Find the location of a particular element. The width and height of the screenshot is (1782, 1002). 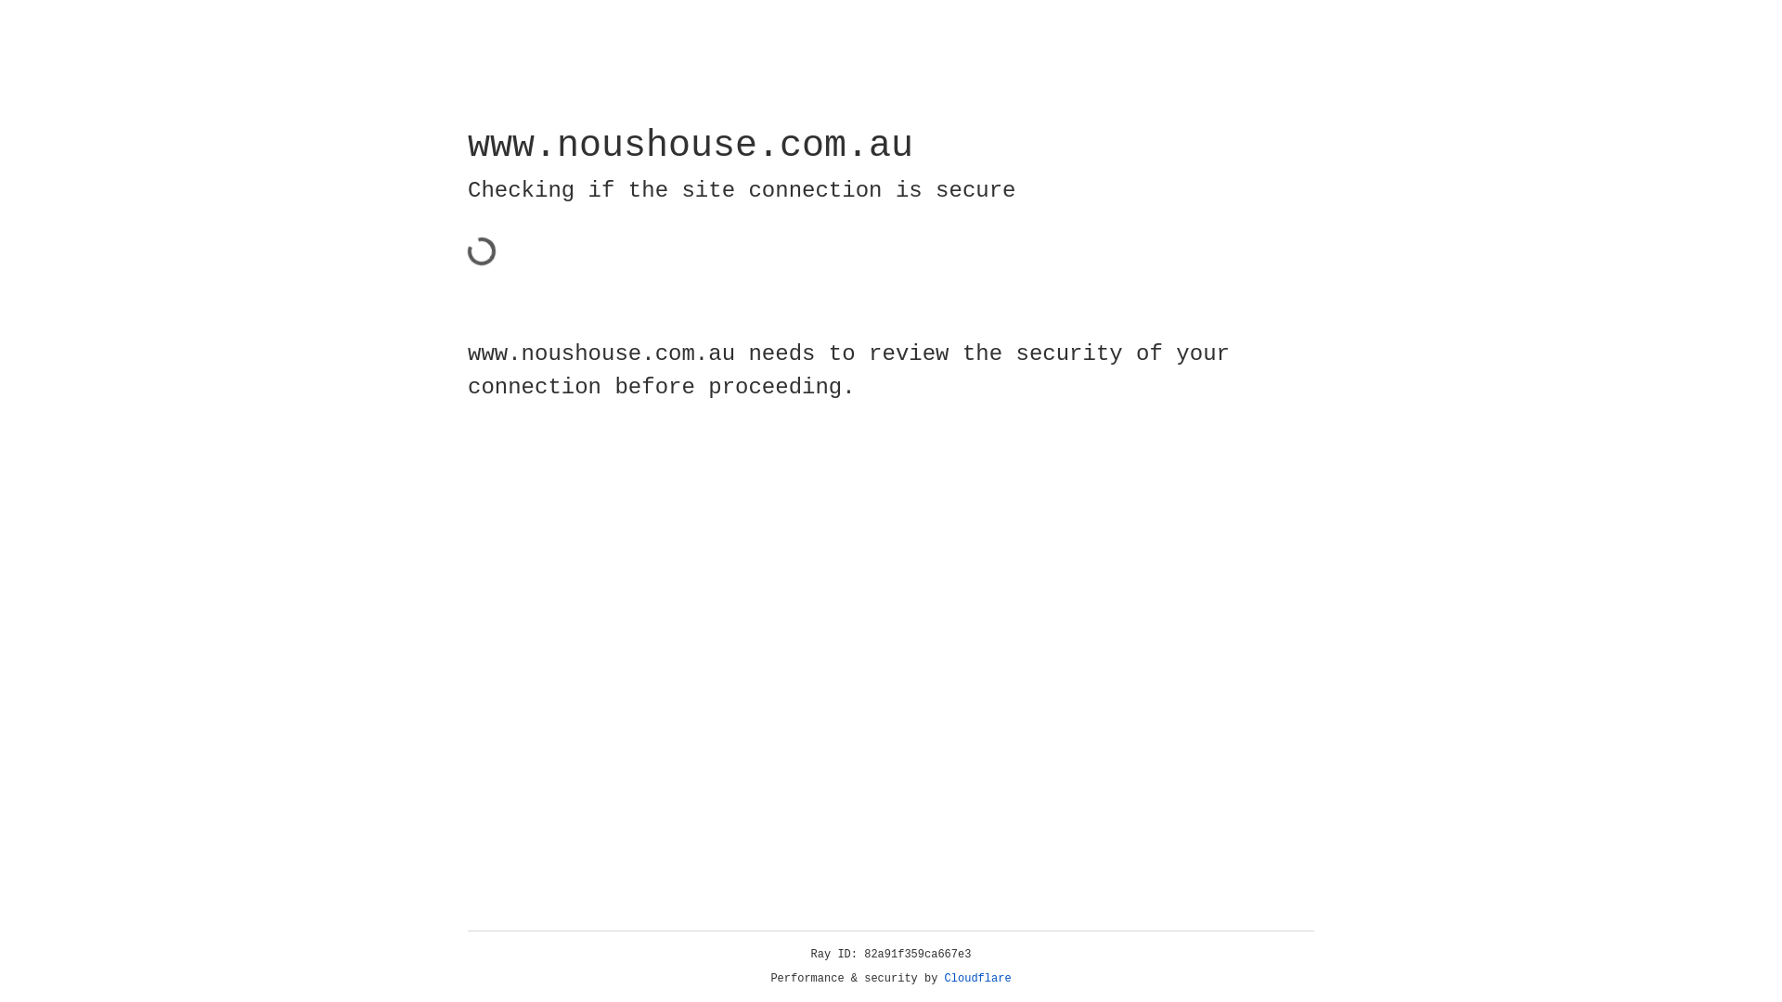

'Cloudflare' is located at coordinates (977, 978).